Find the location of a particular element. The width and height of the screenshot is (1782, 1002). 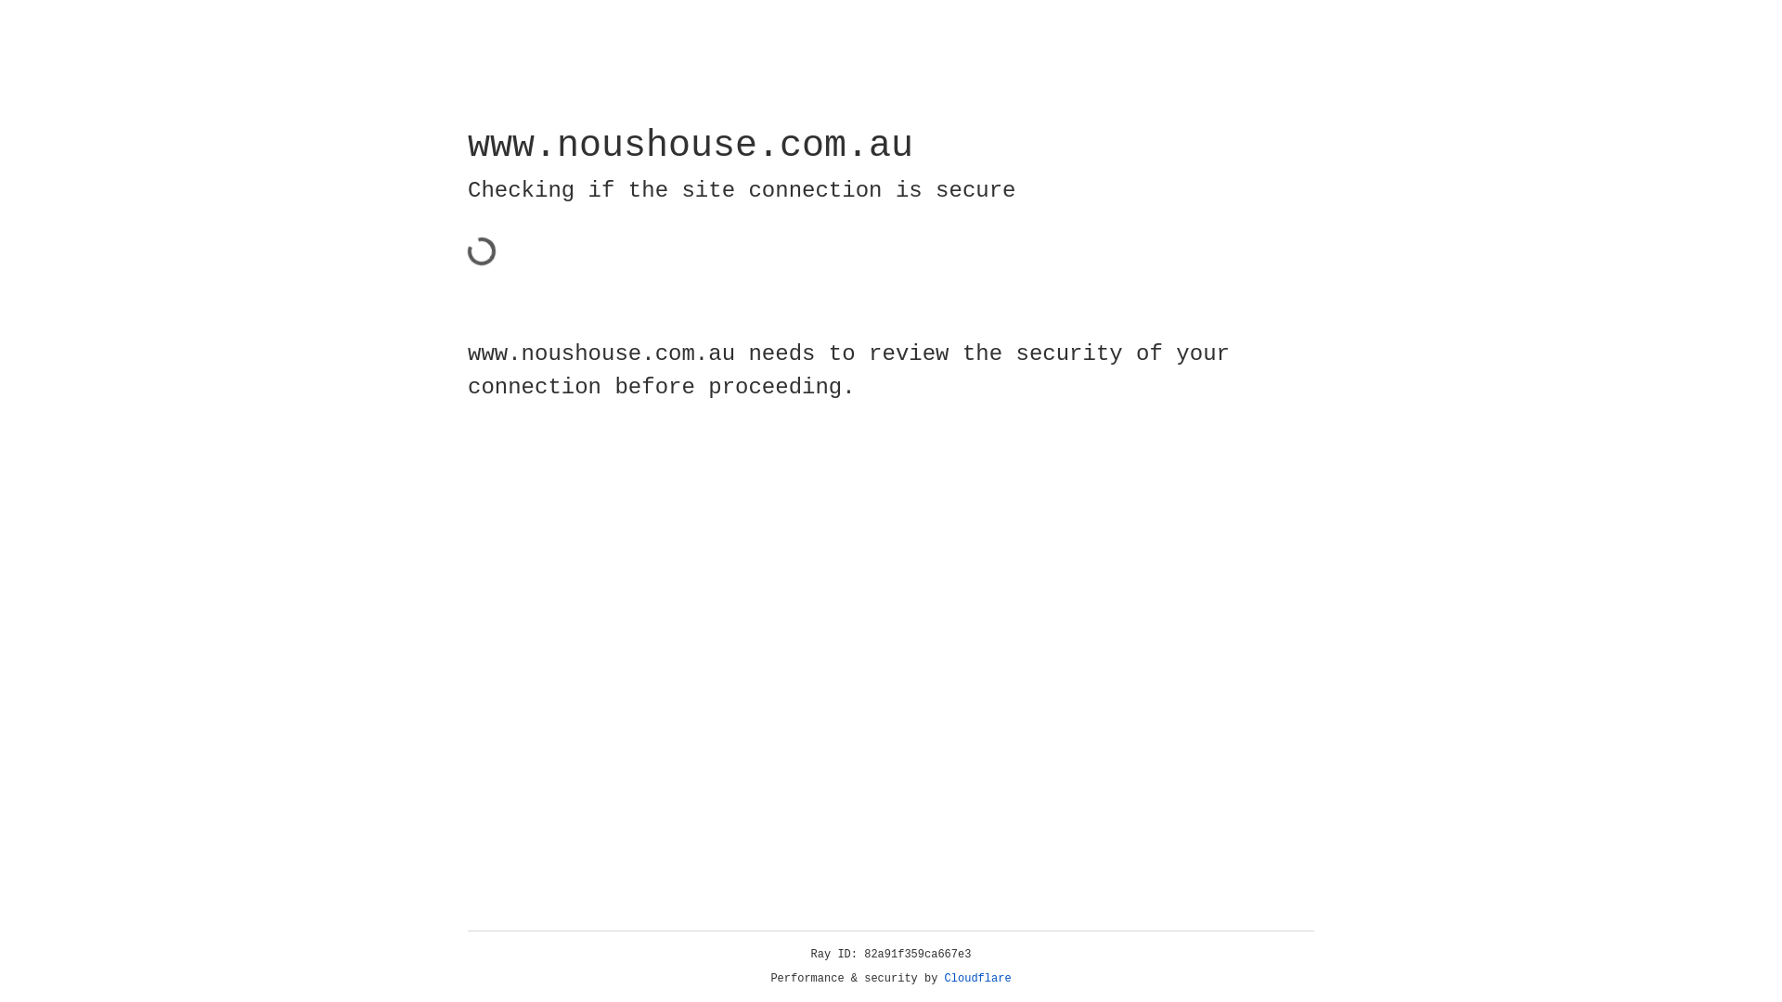

'Cloudflare' is located at coordinates (977, 978).